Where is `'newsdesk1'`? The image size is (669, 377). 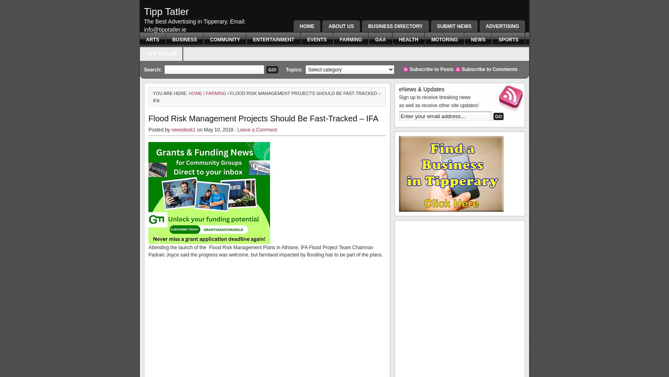 'newsdesk1' is located at coordinates (182, 130).